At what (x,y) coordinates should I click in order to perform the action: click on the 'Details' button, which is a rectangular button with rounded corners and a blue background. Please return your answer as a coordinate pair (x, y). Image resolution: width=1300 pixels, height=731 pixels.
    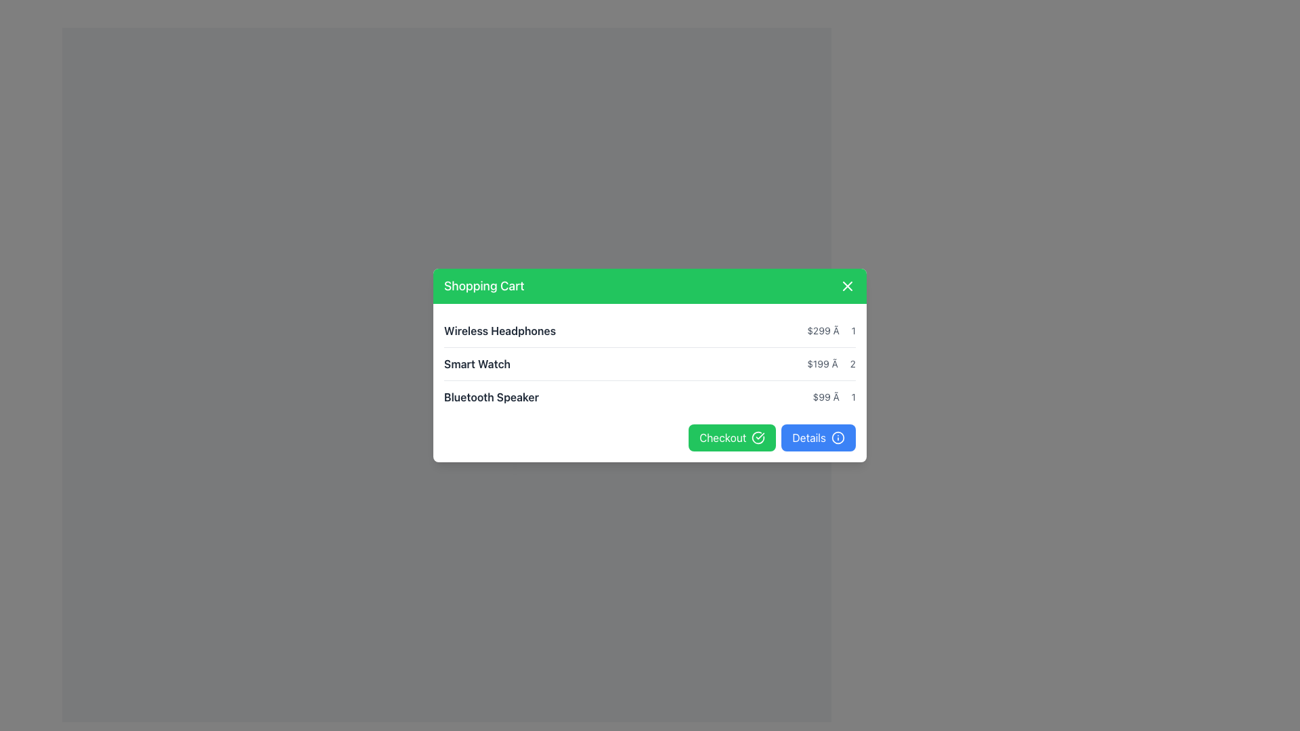
    Looking at the image, I should click on (818, 438).